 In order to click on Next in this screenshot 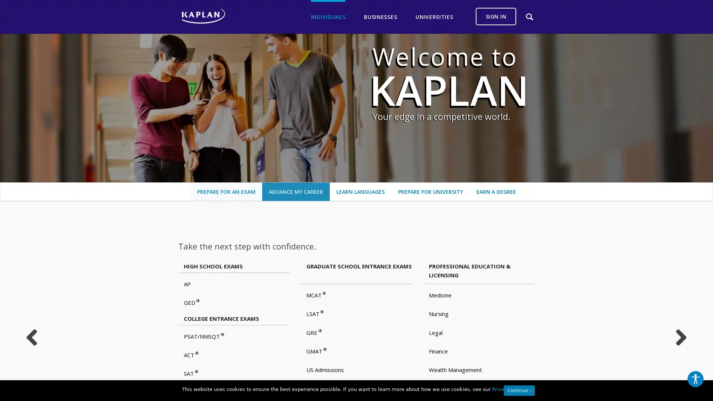, I will do `click(681, 338)`.